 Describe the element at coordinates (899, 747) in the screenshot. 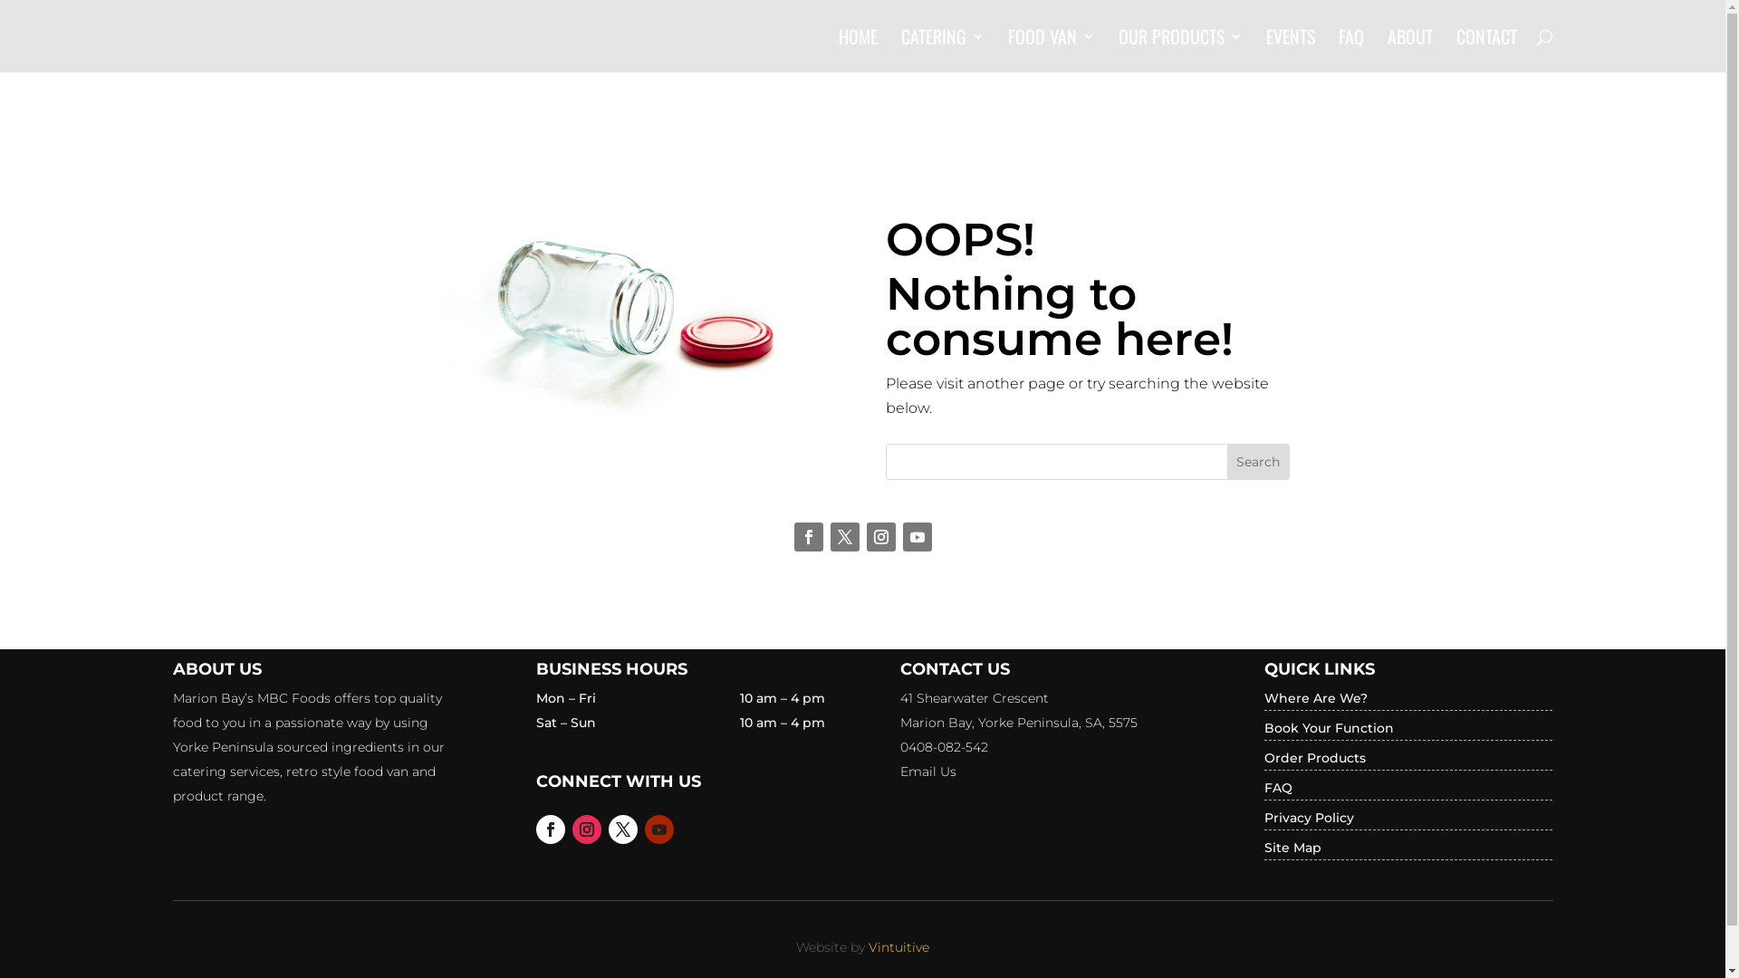

I see `'0408-082-542'` at that location.